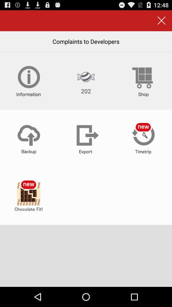 This screenshot has height=307, width=172. What do you see at coordinates (161, 20) in the screenshot?
I see `the complements to developer window` at bounding box center [161, 20].